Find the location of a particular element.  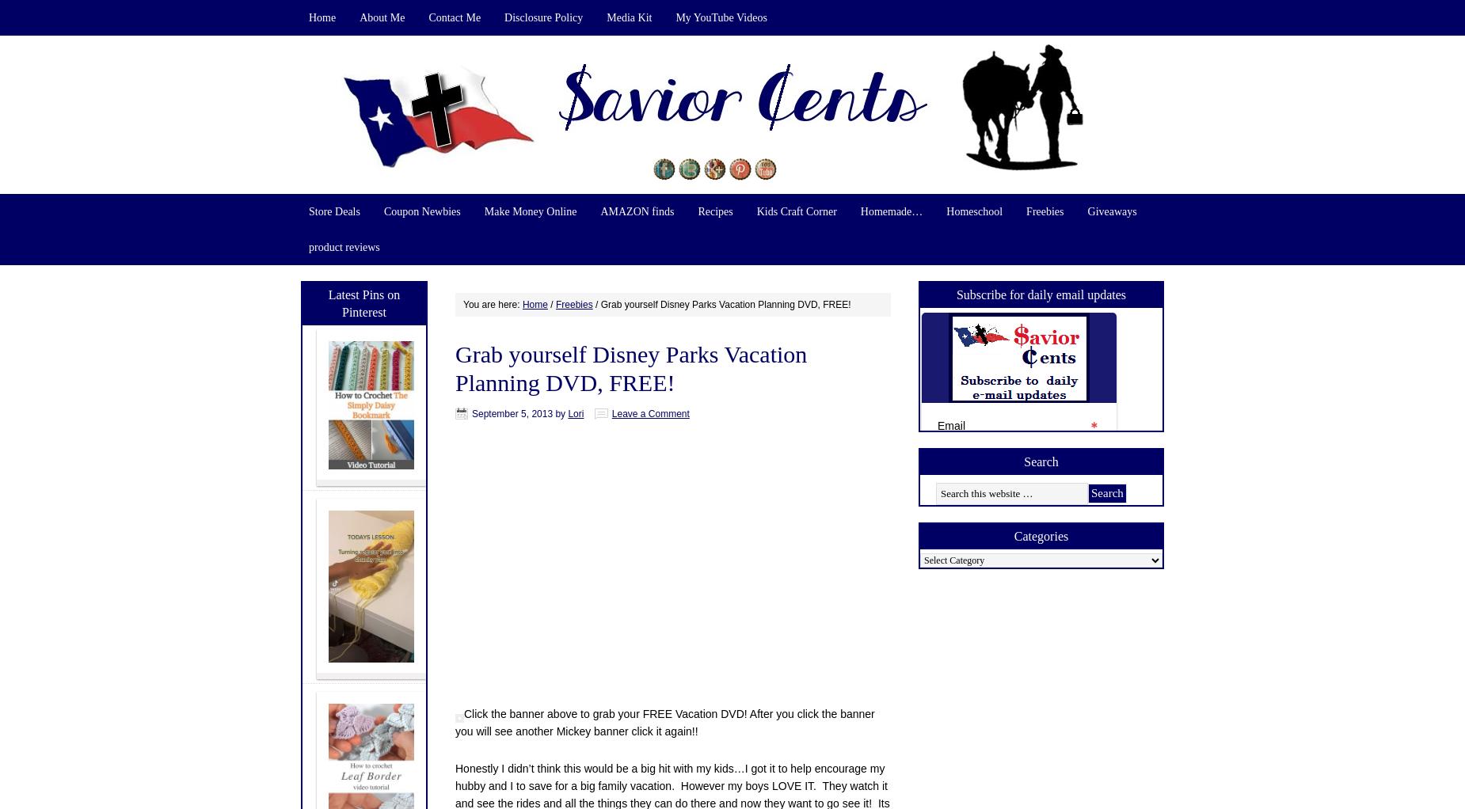

'Click the banner above to grab your FREE Vacation DVD! After you click the banner you will see another Mickey banner click it again!!' is located at coordinates (664, 721).